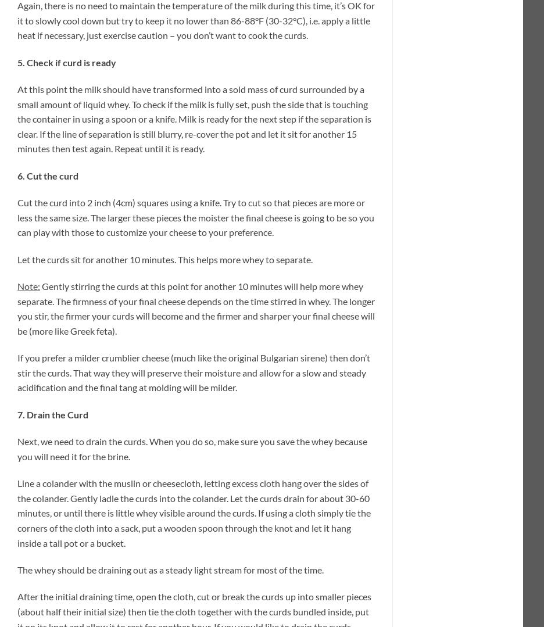 The width and height of the screenshot is (544, 627). Describe the element at coordinates (17, 259) in the screenshot. I see `'Let the curds sit for another 10 minutes. This helps more whey to separate.'` at that location.